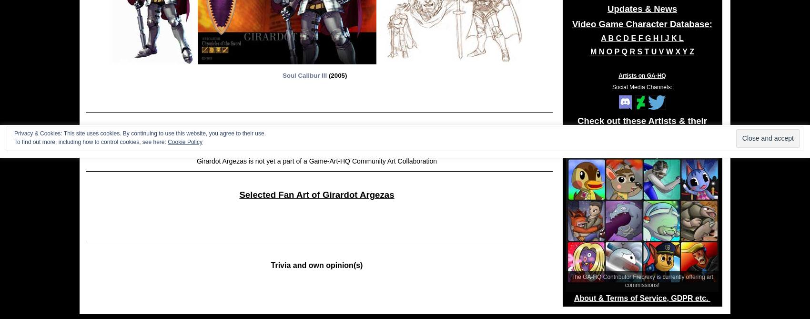  What do you see at coordinates (337, 75) in the screenshot?
I see `'(2005)'` at bounding box center [337, 75].